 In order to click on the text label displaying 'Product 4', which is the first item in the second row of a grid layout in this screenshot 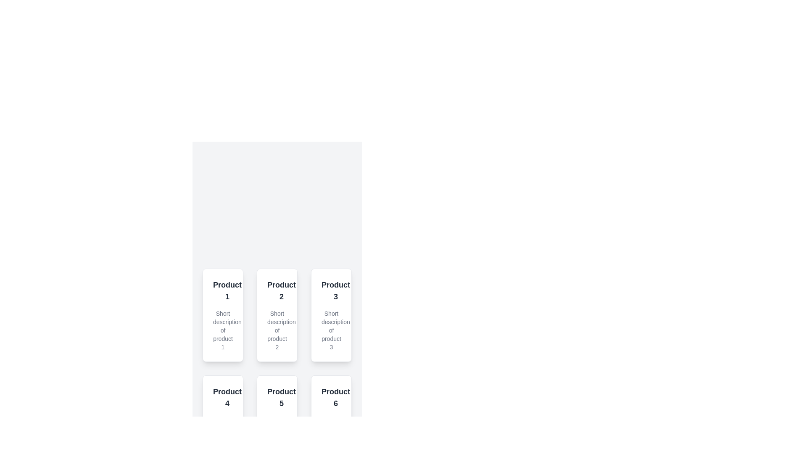, I will do `click(227, 397)`.